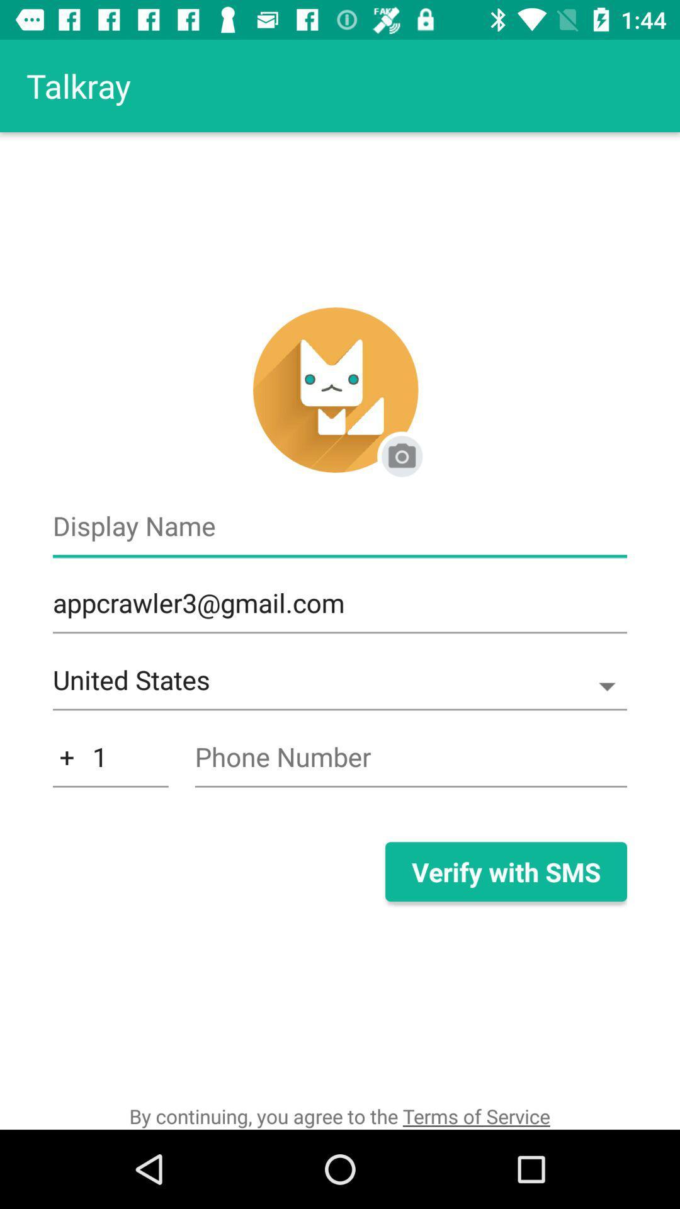 This screenshot has height=1209, width=680. Describe the element at coordinates (340, 686) in the screenshot. I see `icon below appcrawler3@gmail.com icon` at that location.